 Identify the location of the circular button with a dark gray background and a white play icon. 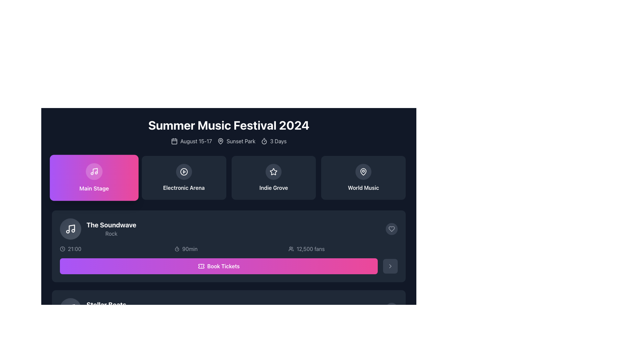
(184, 171).